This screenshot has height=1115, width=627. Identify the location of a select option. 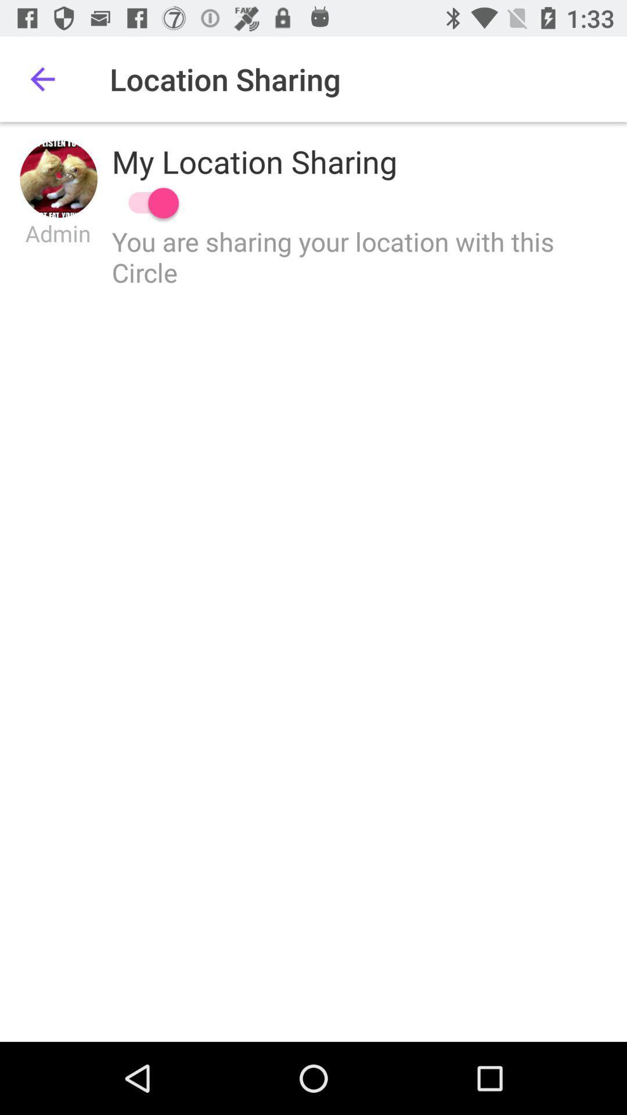
(147, 203).